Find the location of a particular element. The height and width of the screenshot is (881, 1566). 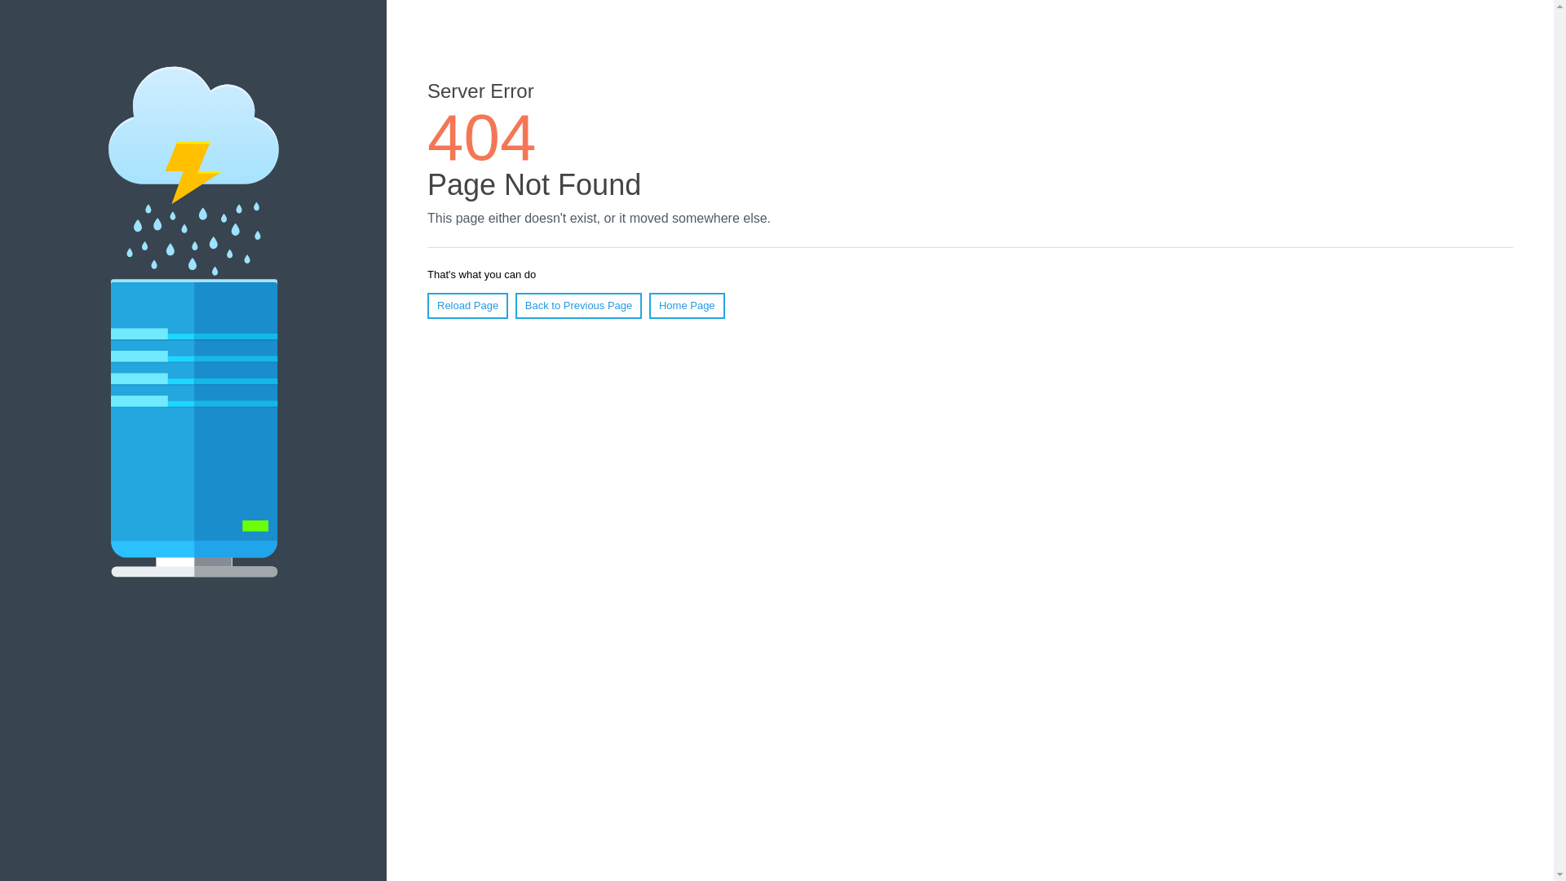

'Back to Previous Page' is located at coordinates (579, 305).